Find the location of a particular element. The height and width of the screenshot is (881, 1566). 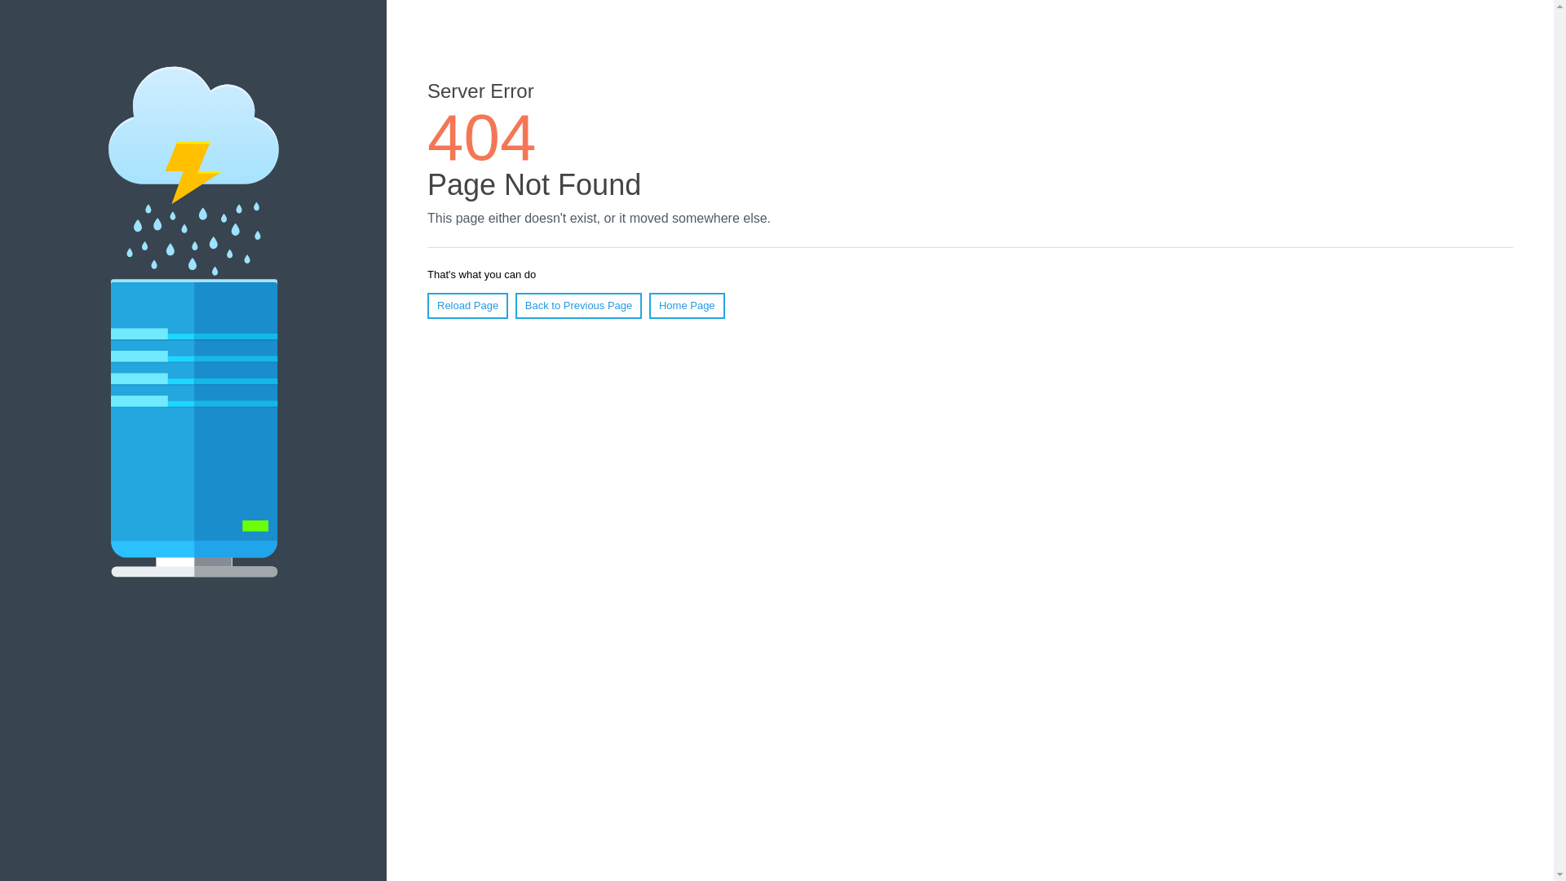

'Back to Previous Page' is located at coordinates (579, 305).